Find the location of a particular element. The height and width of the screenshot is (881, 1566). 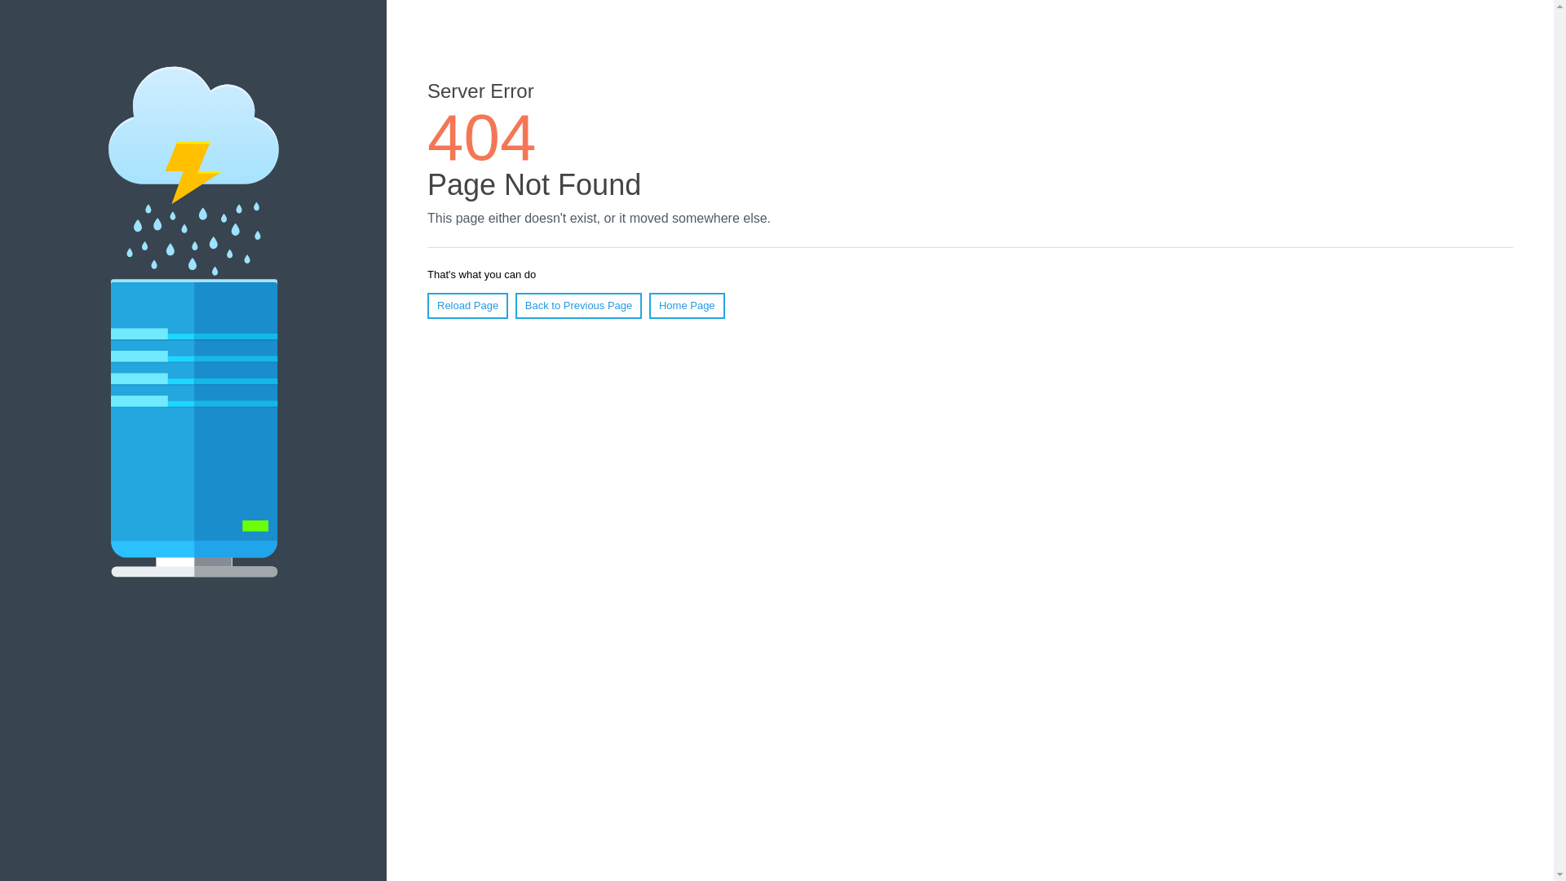

'Back to Previous Page' is located at coordinates (579, 305).